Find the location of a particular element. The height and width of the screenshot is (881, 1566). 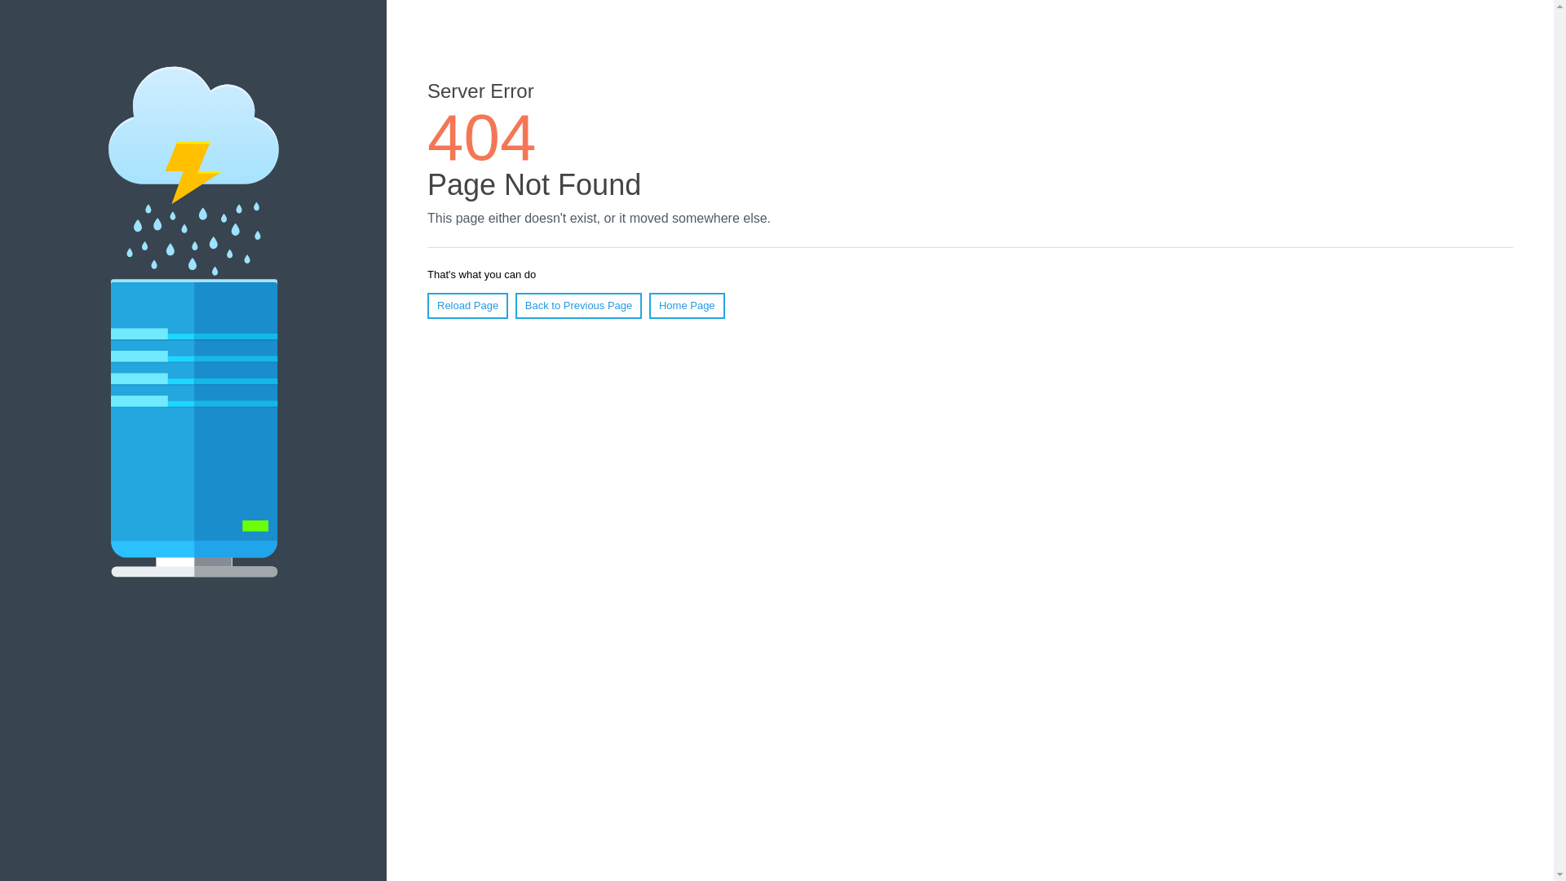

'Back to Previous Page' is located at coordinates (579, 305).